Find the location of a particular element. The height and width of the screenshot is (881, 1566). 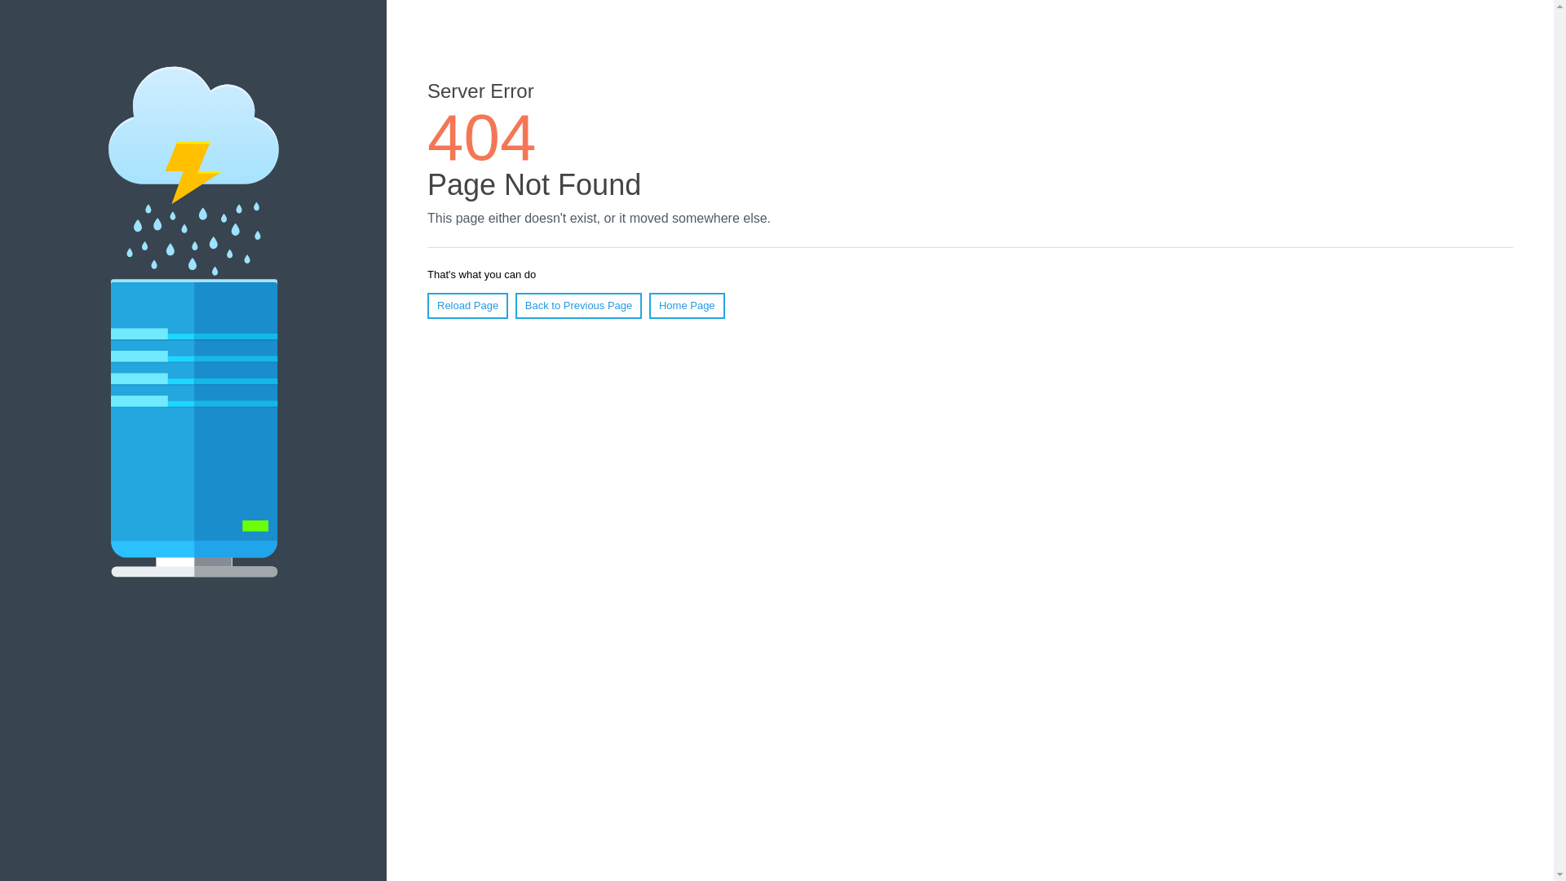

'Back to Previous Page' is located at coordinates (579, 305).